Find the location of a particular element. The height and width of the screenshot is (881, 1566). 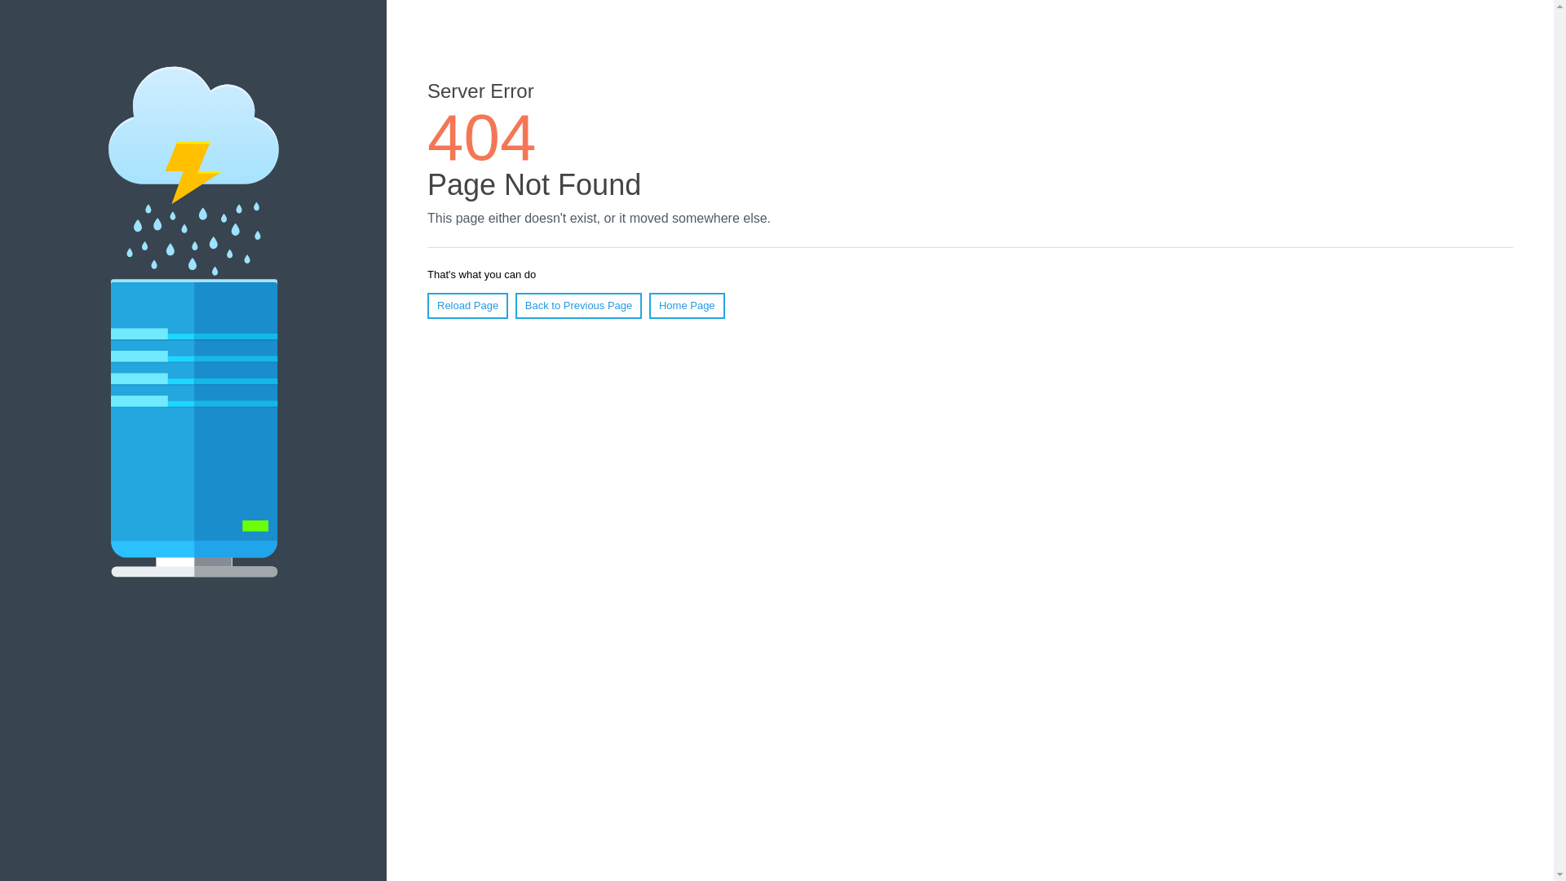

'Back to Previous Page' is located at coordinates (579, 305).